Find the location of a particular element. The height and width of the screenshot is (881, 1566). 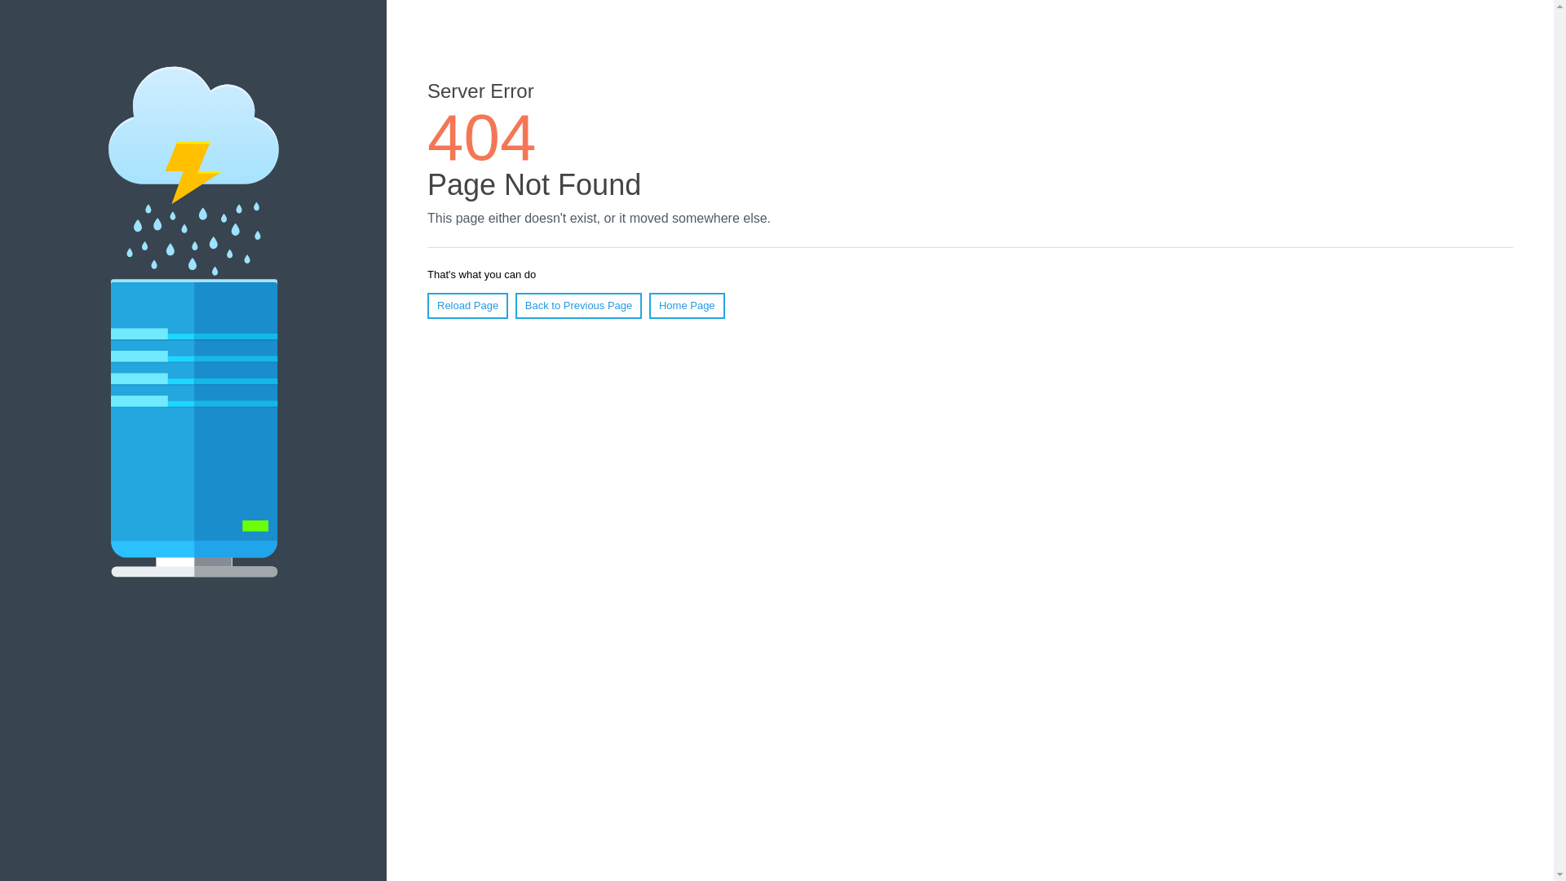

'Back to Previous Page' is located at coordinates (579, 305).